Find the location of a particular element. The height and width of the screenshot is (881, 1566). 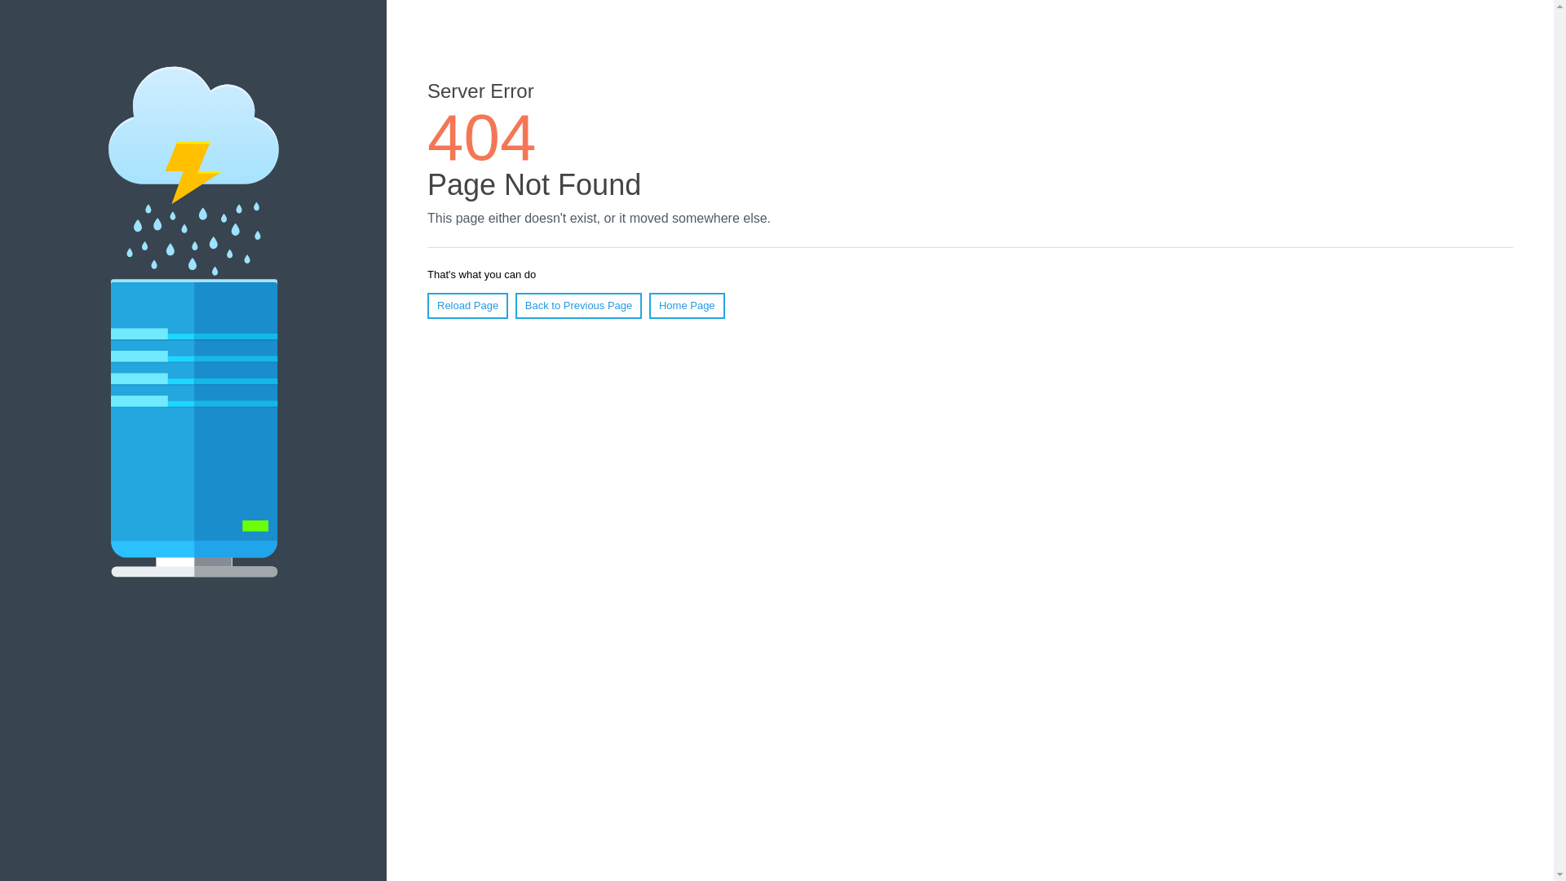

'Back to Previous Page' is located at coordinates (579, 305).